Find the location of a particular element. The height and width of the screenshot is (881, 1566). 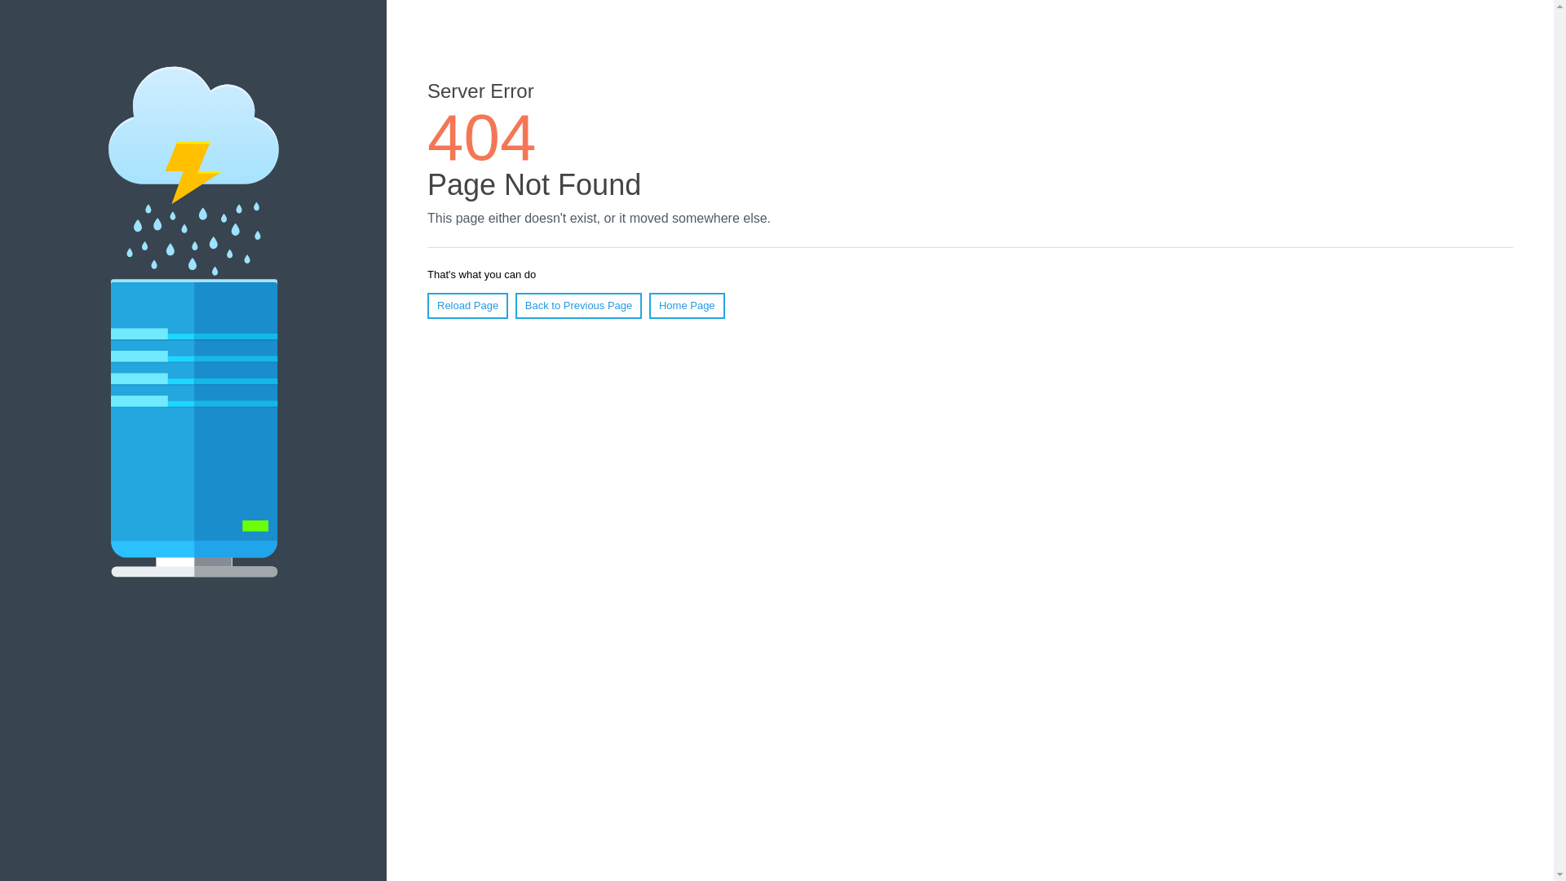

'Back to Previous Page' is located at coordinates (579, 305).